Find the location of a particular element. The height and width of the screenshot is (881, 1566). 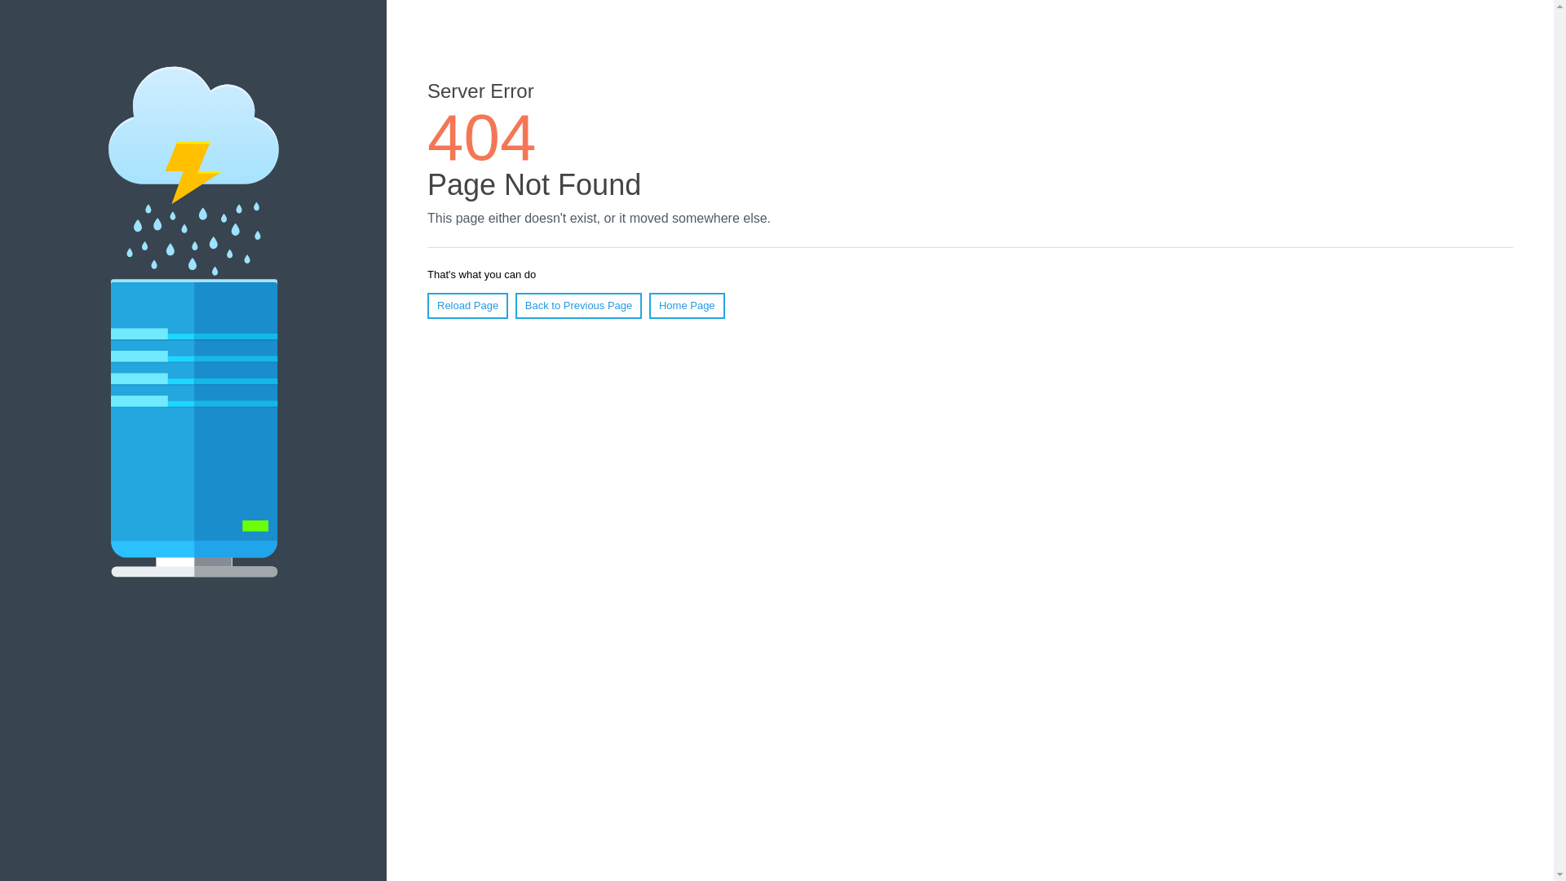

'Back to Previous Page' is located at coordinates (579, 305).